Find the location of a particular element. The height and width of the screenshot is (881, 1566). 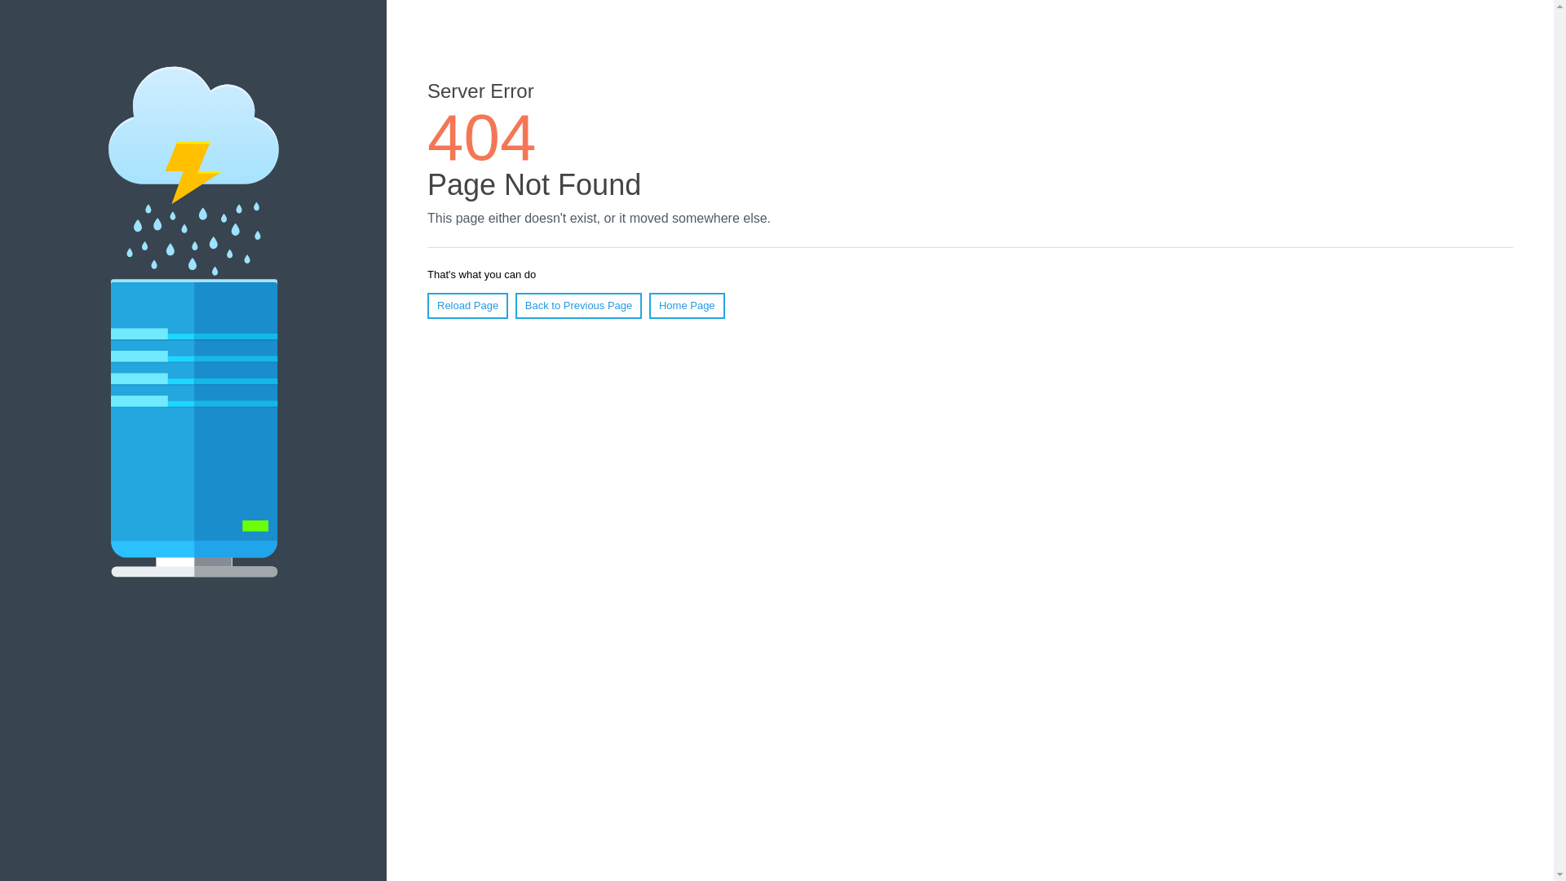

'Back to Previous Page' is located at coordinates (579, 305).